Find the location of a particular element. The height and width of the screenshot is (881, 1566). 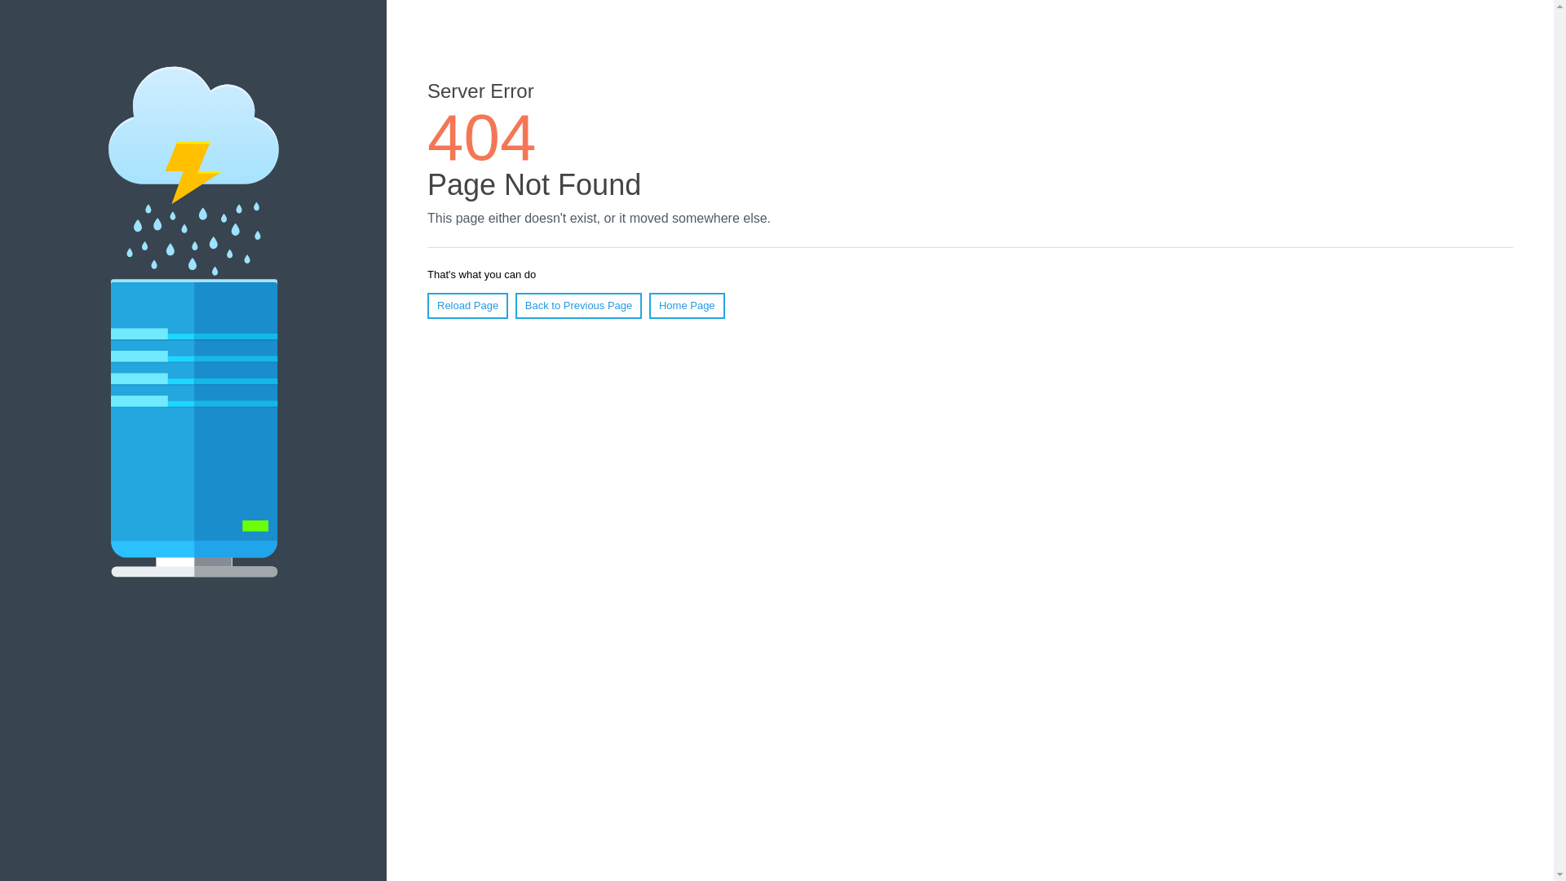

'Back to Previous Page' is located at coordinates (579, 305).